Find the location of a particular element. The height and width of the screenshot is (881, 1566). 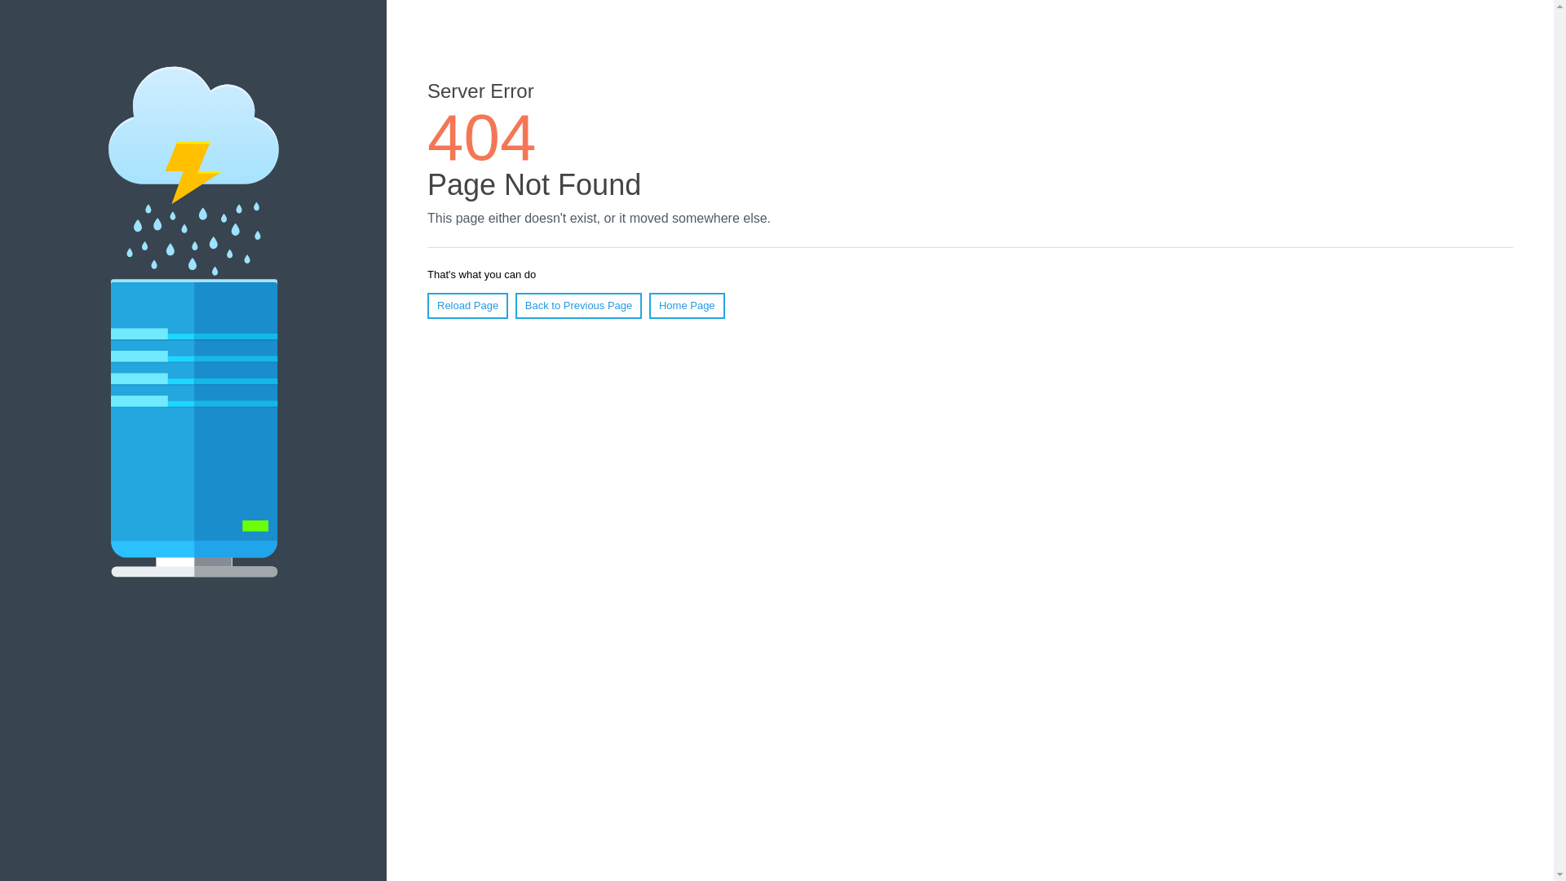

'Back to Previous Page' is located at coordinates (579, 305).